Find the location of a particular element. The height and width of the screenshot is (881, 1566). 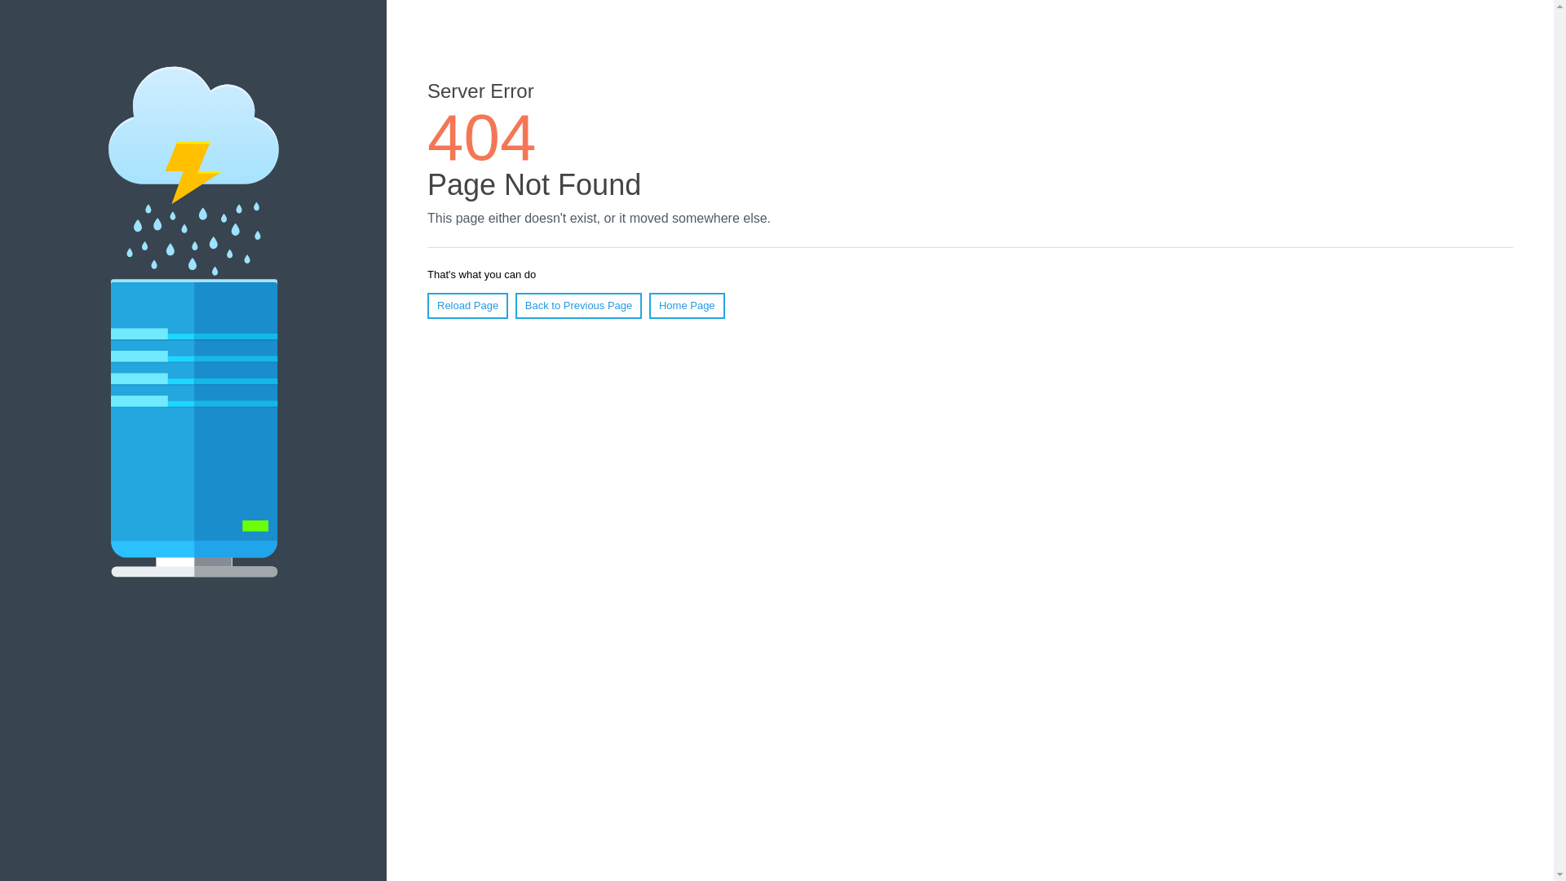

'Back to Previous Page' is located at coordinates (579, 305).